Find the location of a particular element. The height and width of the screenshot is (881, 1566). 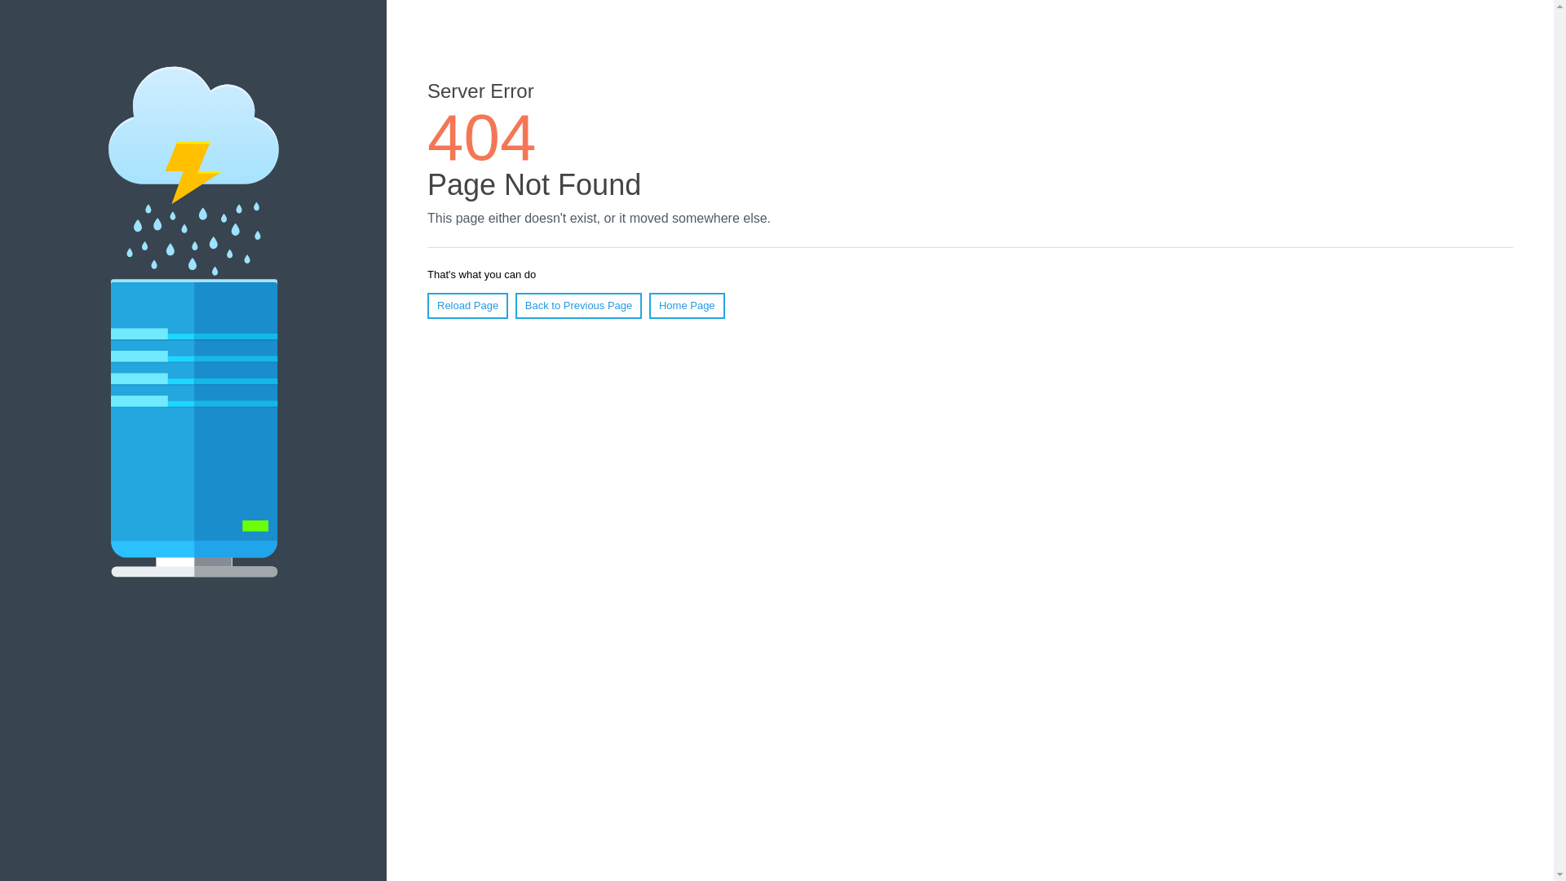

'Back to Previous Page' is located at coordinates (579, 305).